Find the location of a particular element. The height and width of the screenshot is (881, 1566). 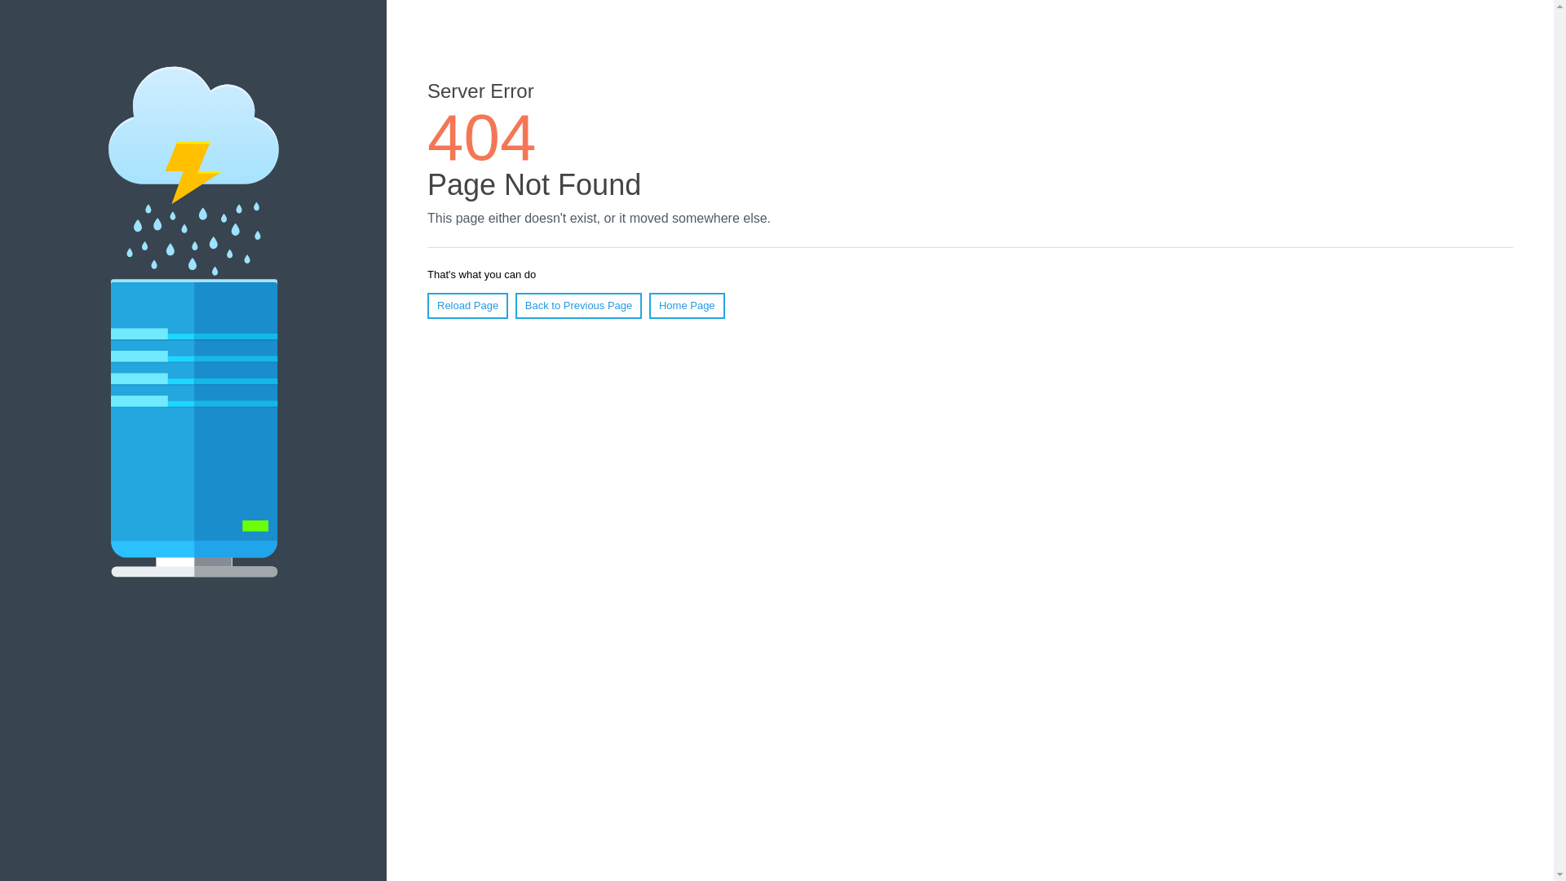

'Back to Previous Page' is located at coordinates (579, 305).